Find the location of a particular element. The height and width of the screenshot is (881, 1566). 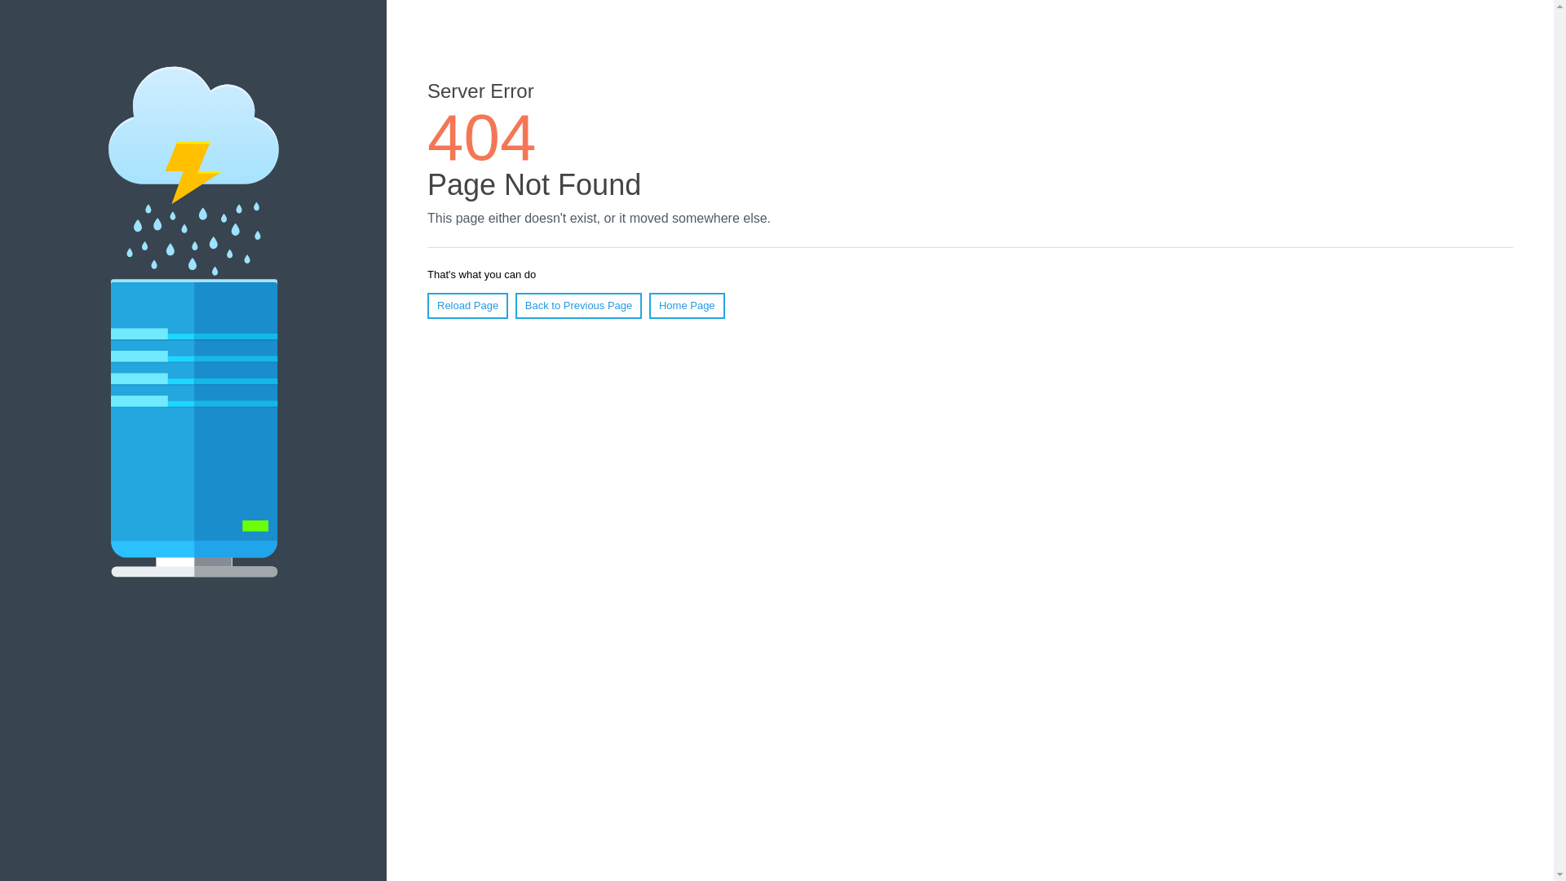

'Back to Previous Page' is located at coordinates (579, 305).